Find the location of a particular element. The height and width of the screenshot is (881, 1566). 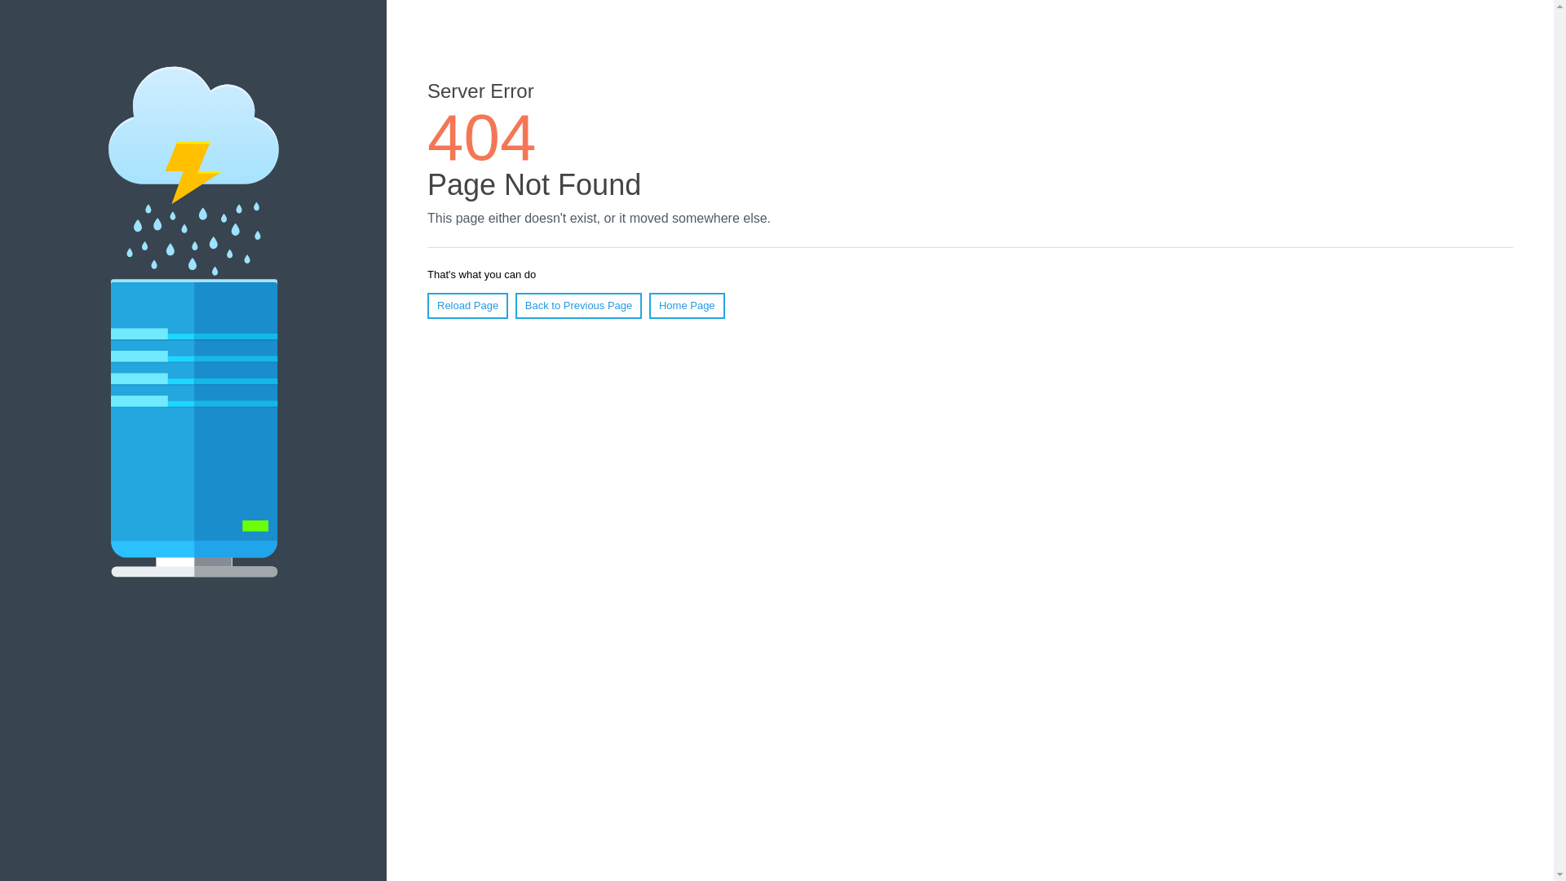

'Back to Previous Page' is located at coordinates (579, 305).